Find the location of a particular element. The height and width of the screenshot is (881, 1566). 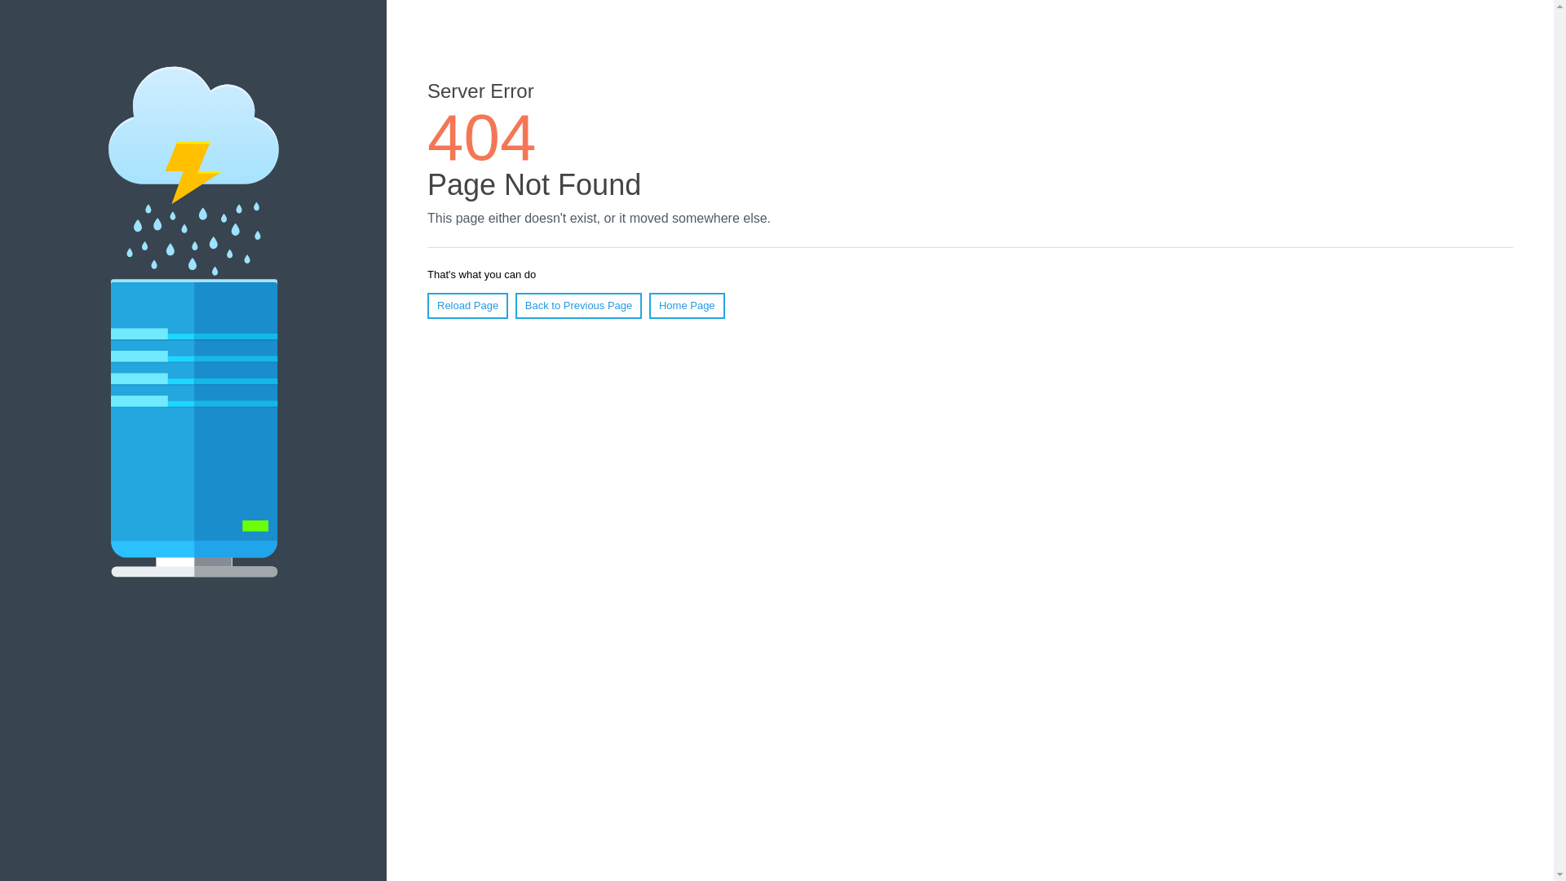

'Back to Previous Page' is located at coordinates (579, 305).